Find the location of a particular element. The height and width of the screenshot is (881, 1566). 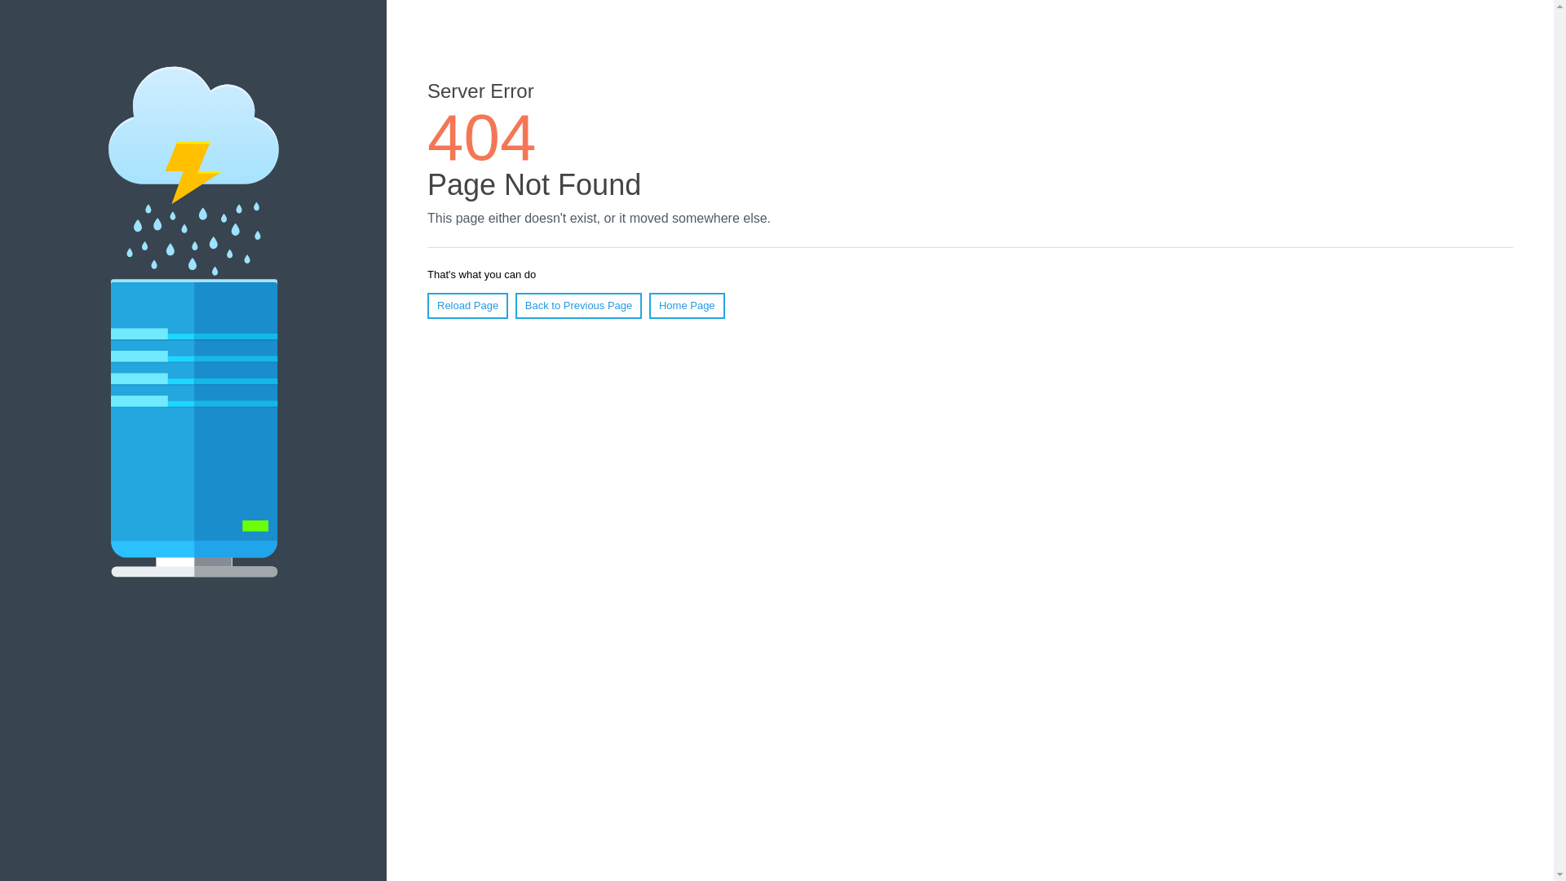

'Back to Previous Page' is located at coordinates (579, 305).